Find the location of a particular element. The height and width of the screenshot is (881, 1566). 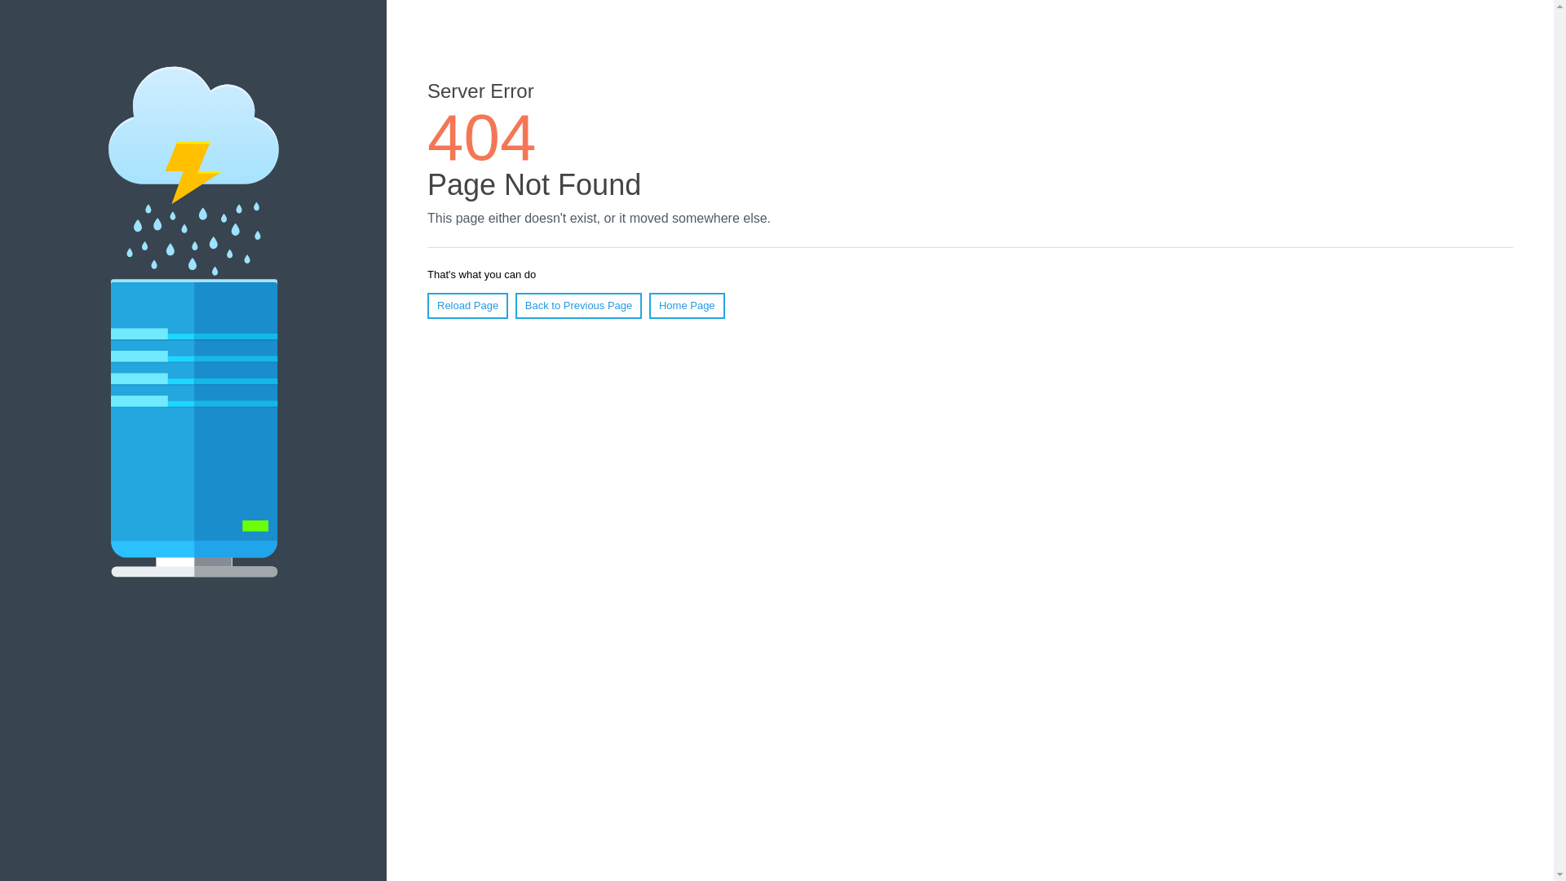

'Back to Previous Page' is located at coordinates (579, 305).